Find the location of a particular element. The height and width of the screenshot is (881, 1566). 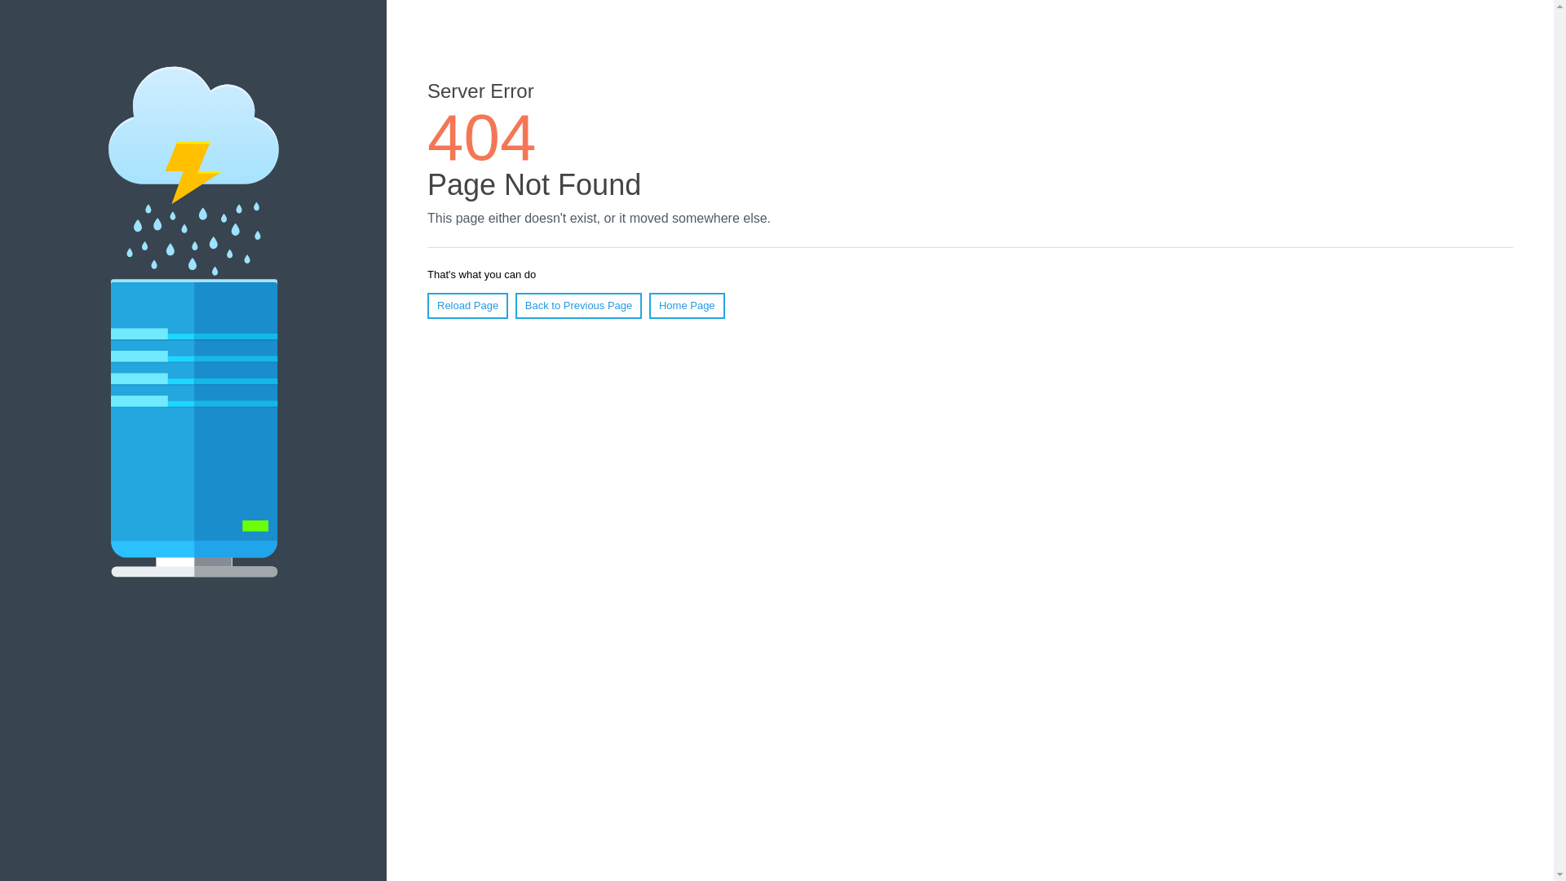

'Back to Previous Page' is located at coordinates (579, 305).